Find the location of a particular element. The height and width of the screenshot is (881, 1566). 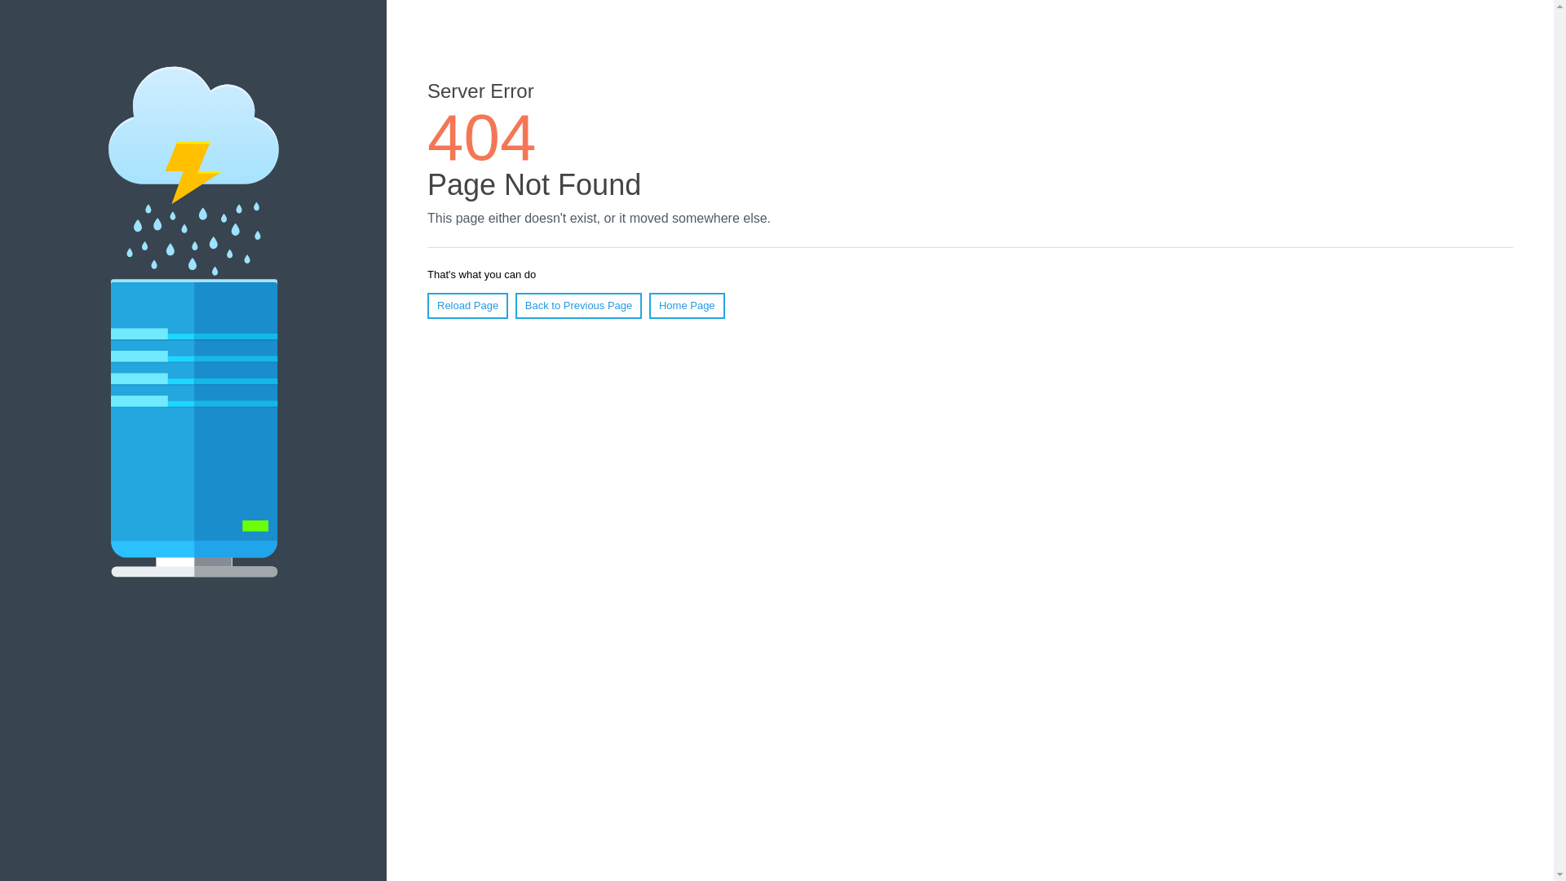

'Back to Previous Page' is located at coordinates (579, 305).